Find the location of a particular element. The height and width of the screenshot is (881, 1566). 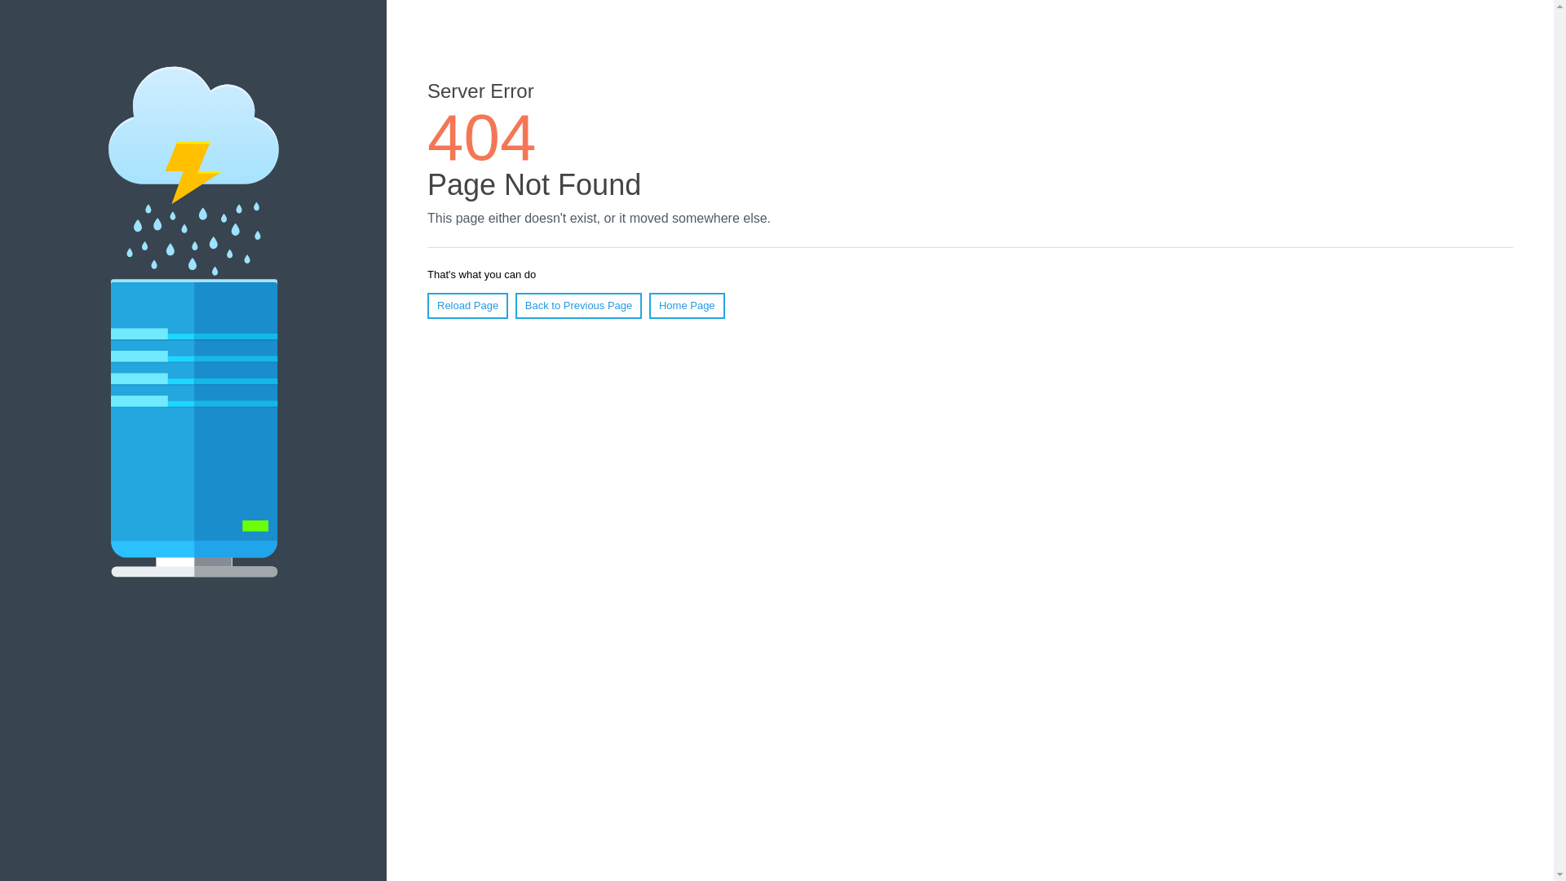

'Back to Previous Page' is located at coordinates (579, 305).